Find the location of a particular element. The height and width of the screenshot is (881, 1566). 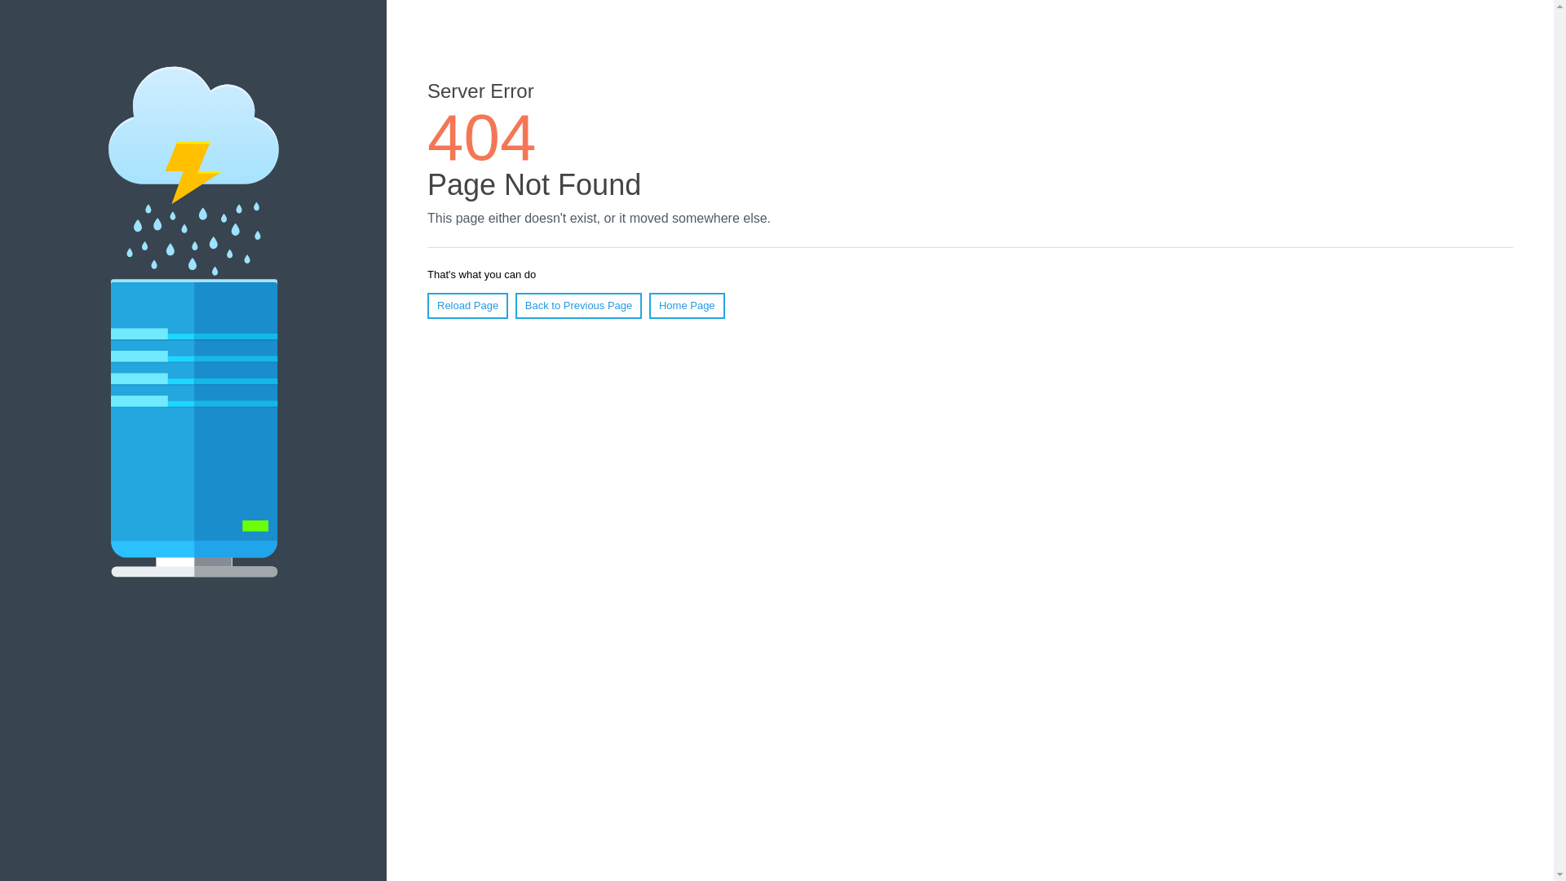

'Back to Previous Page' is located at coordinates (579, 305).